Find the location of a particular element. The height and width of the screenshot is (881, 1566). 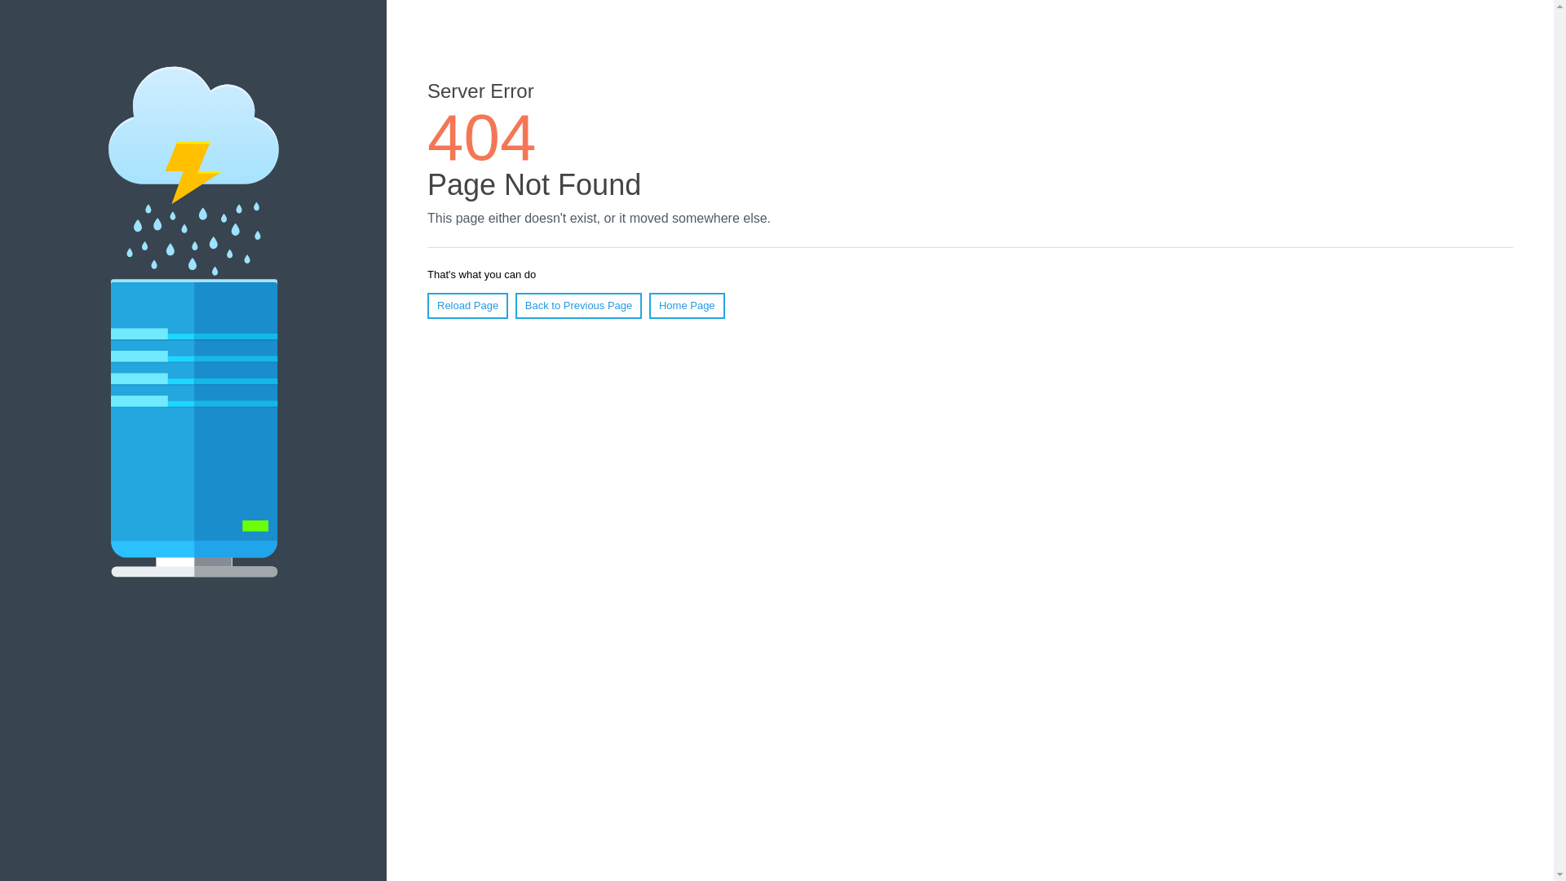

'Back to Previous Page' is located at coordinates (579, 305).